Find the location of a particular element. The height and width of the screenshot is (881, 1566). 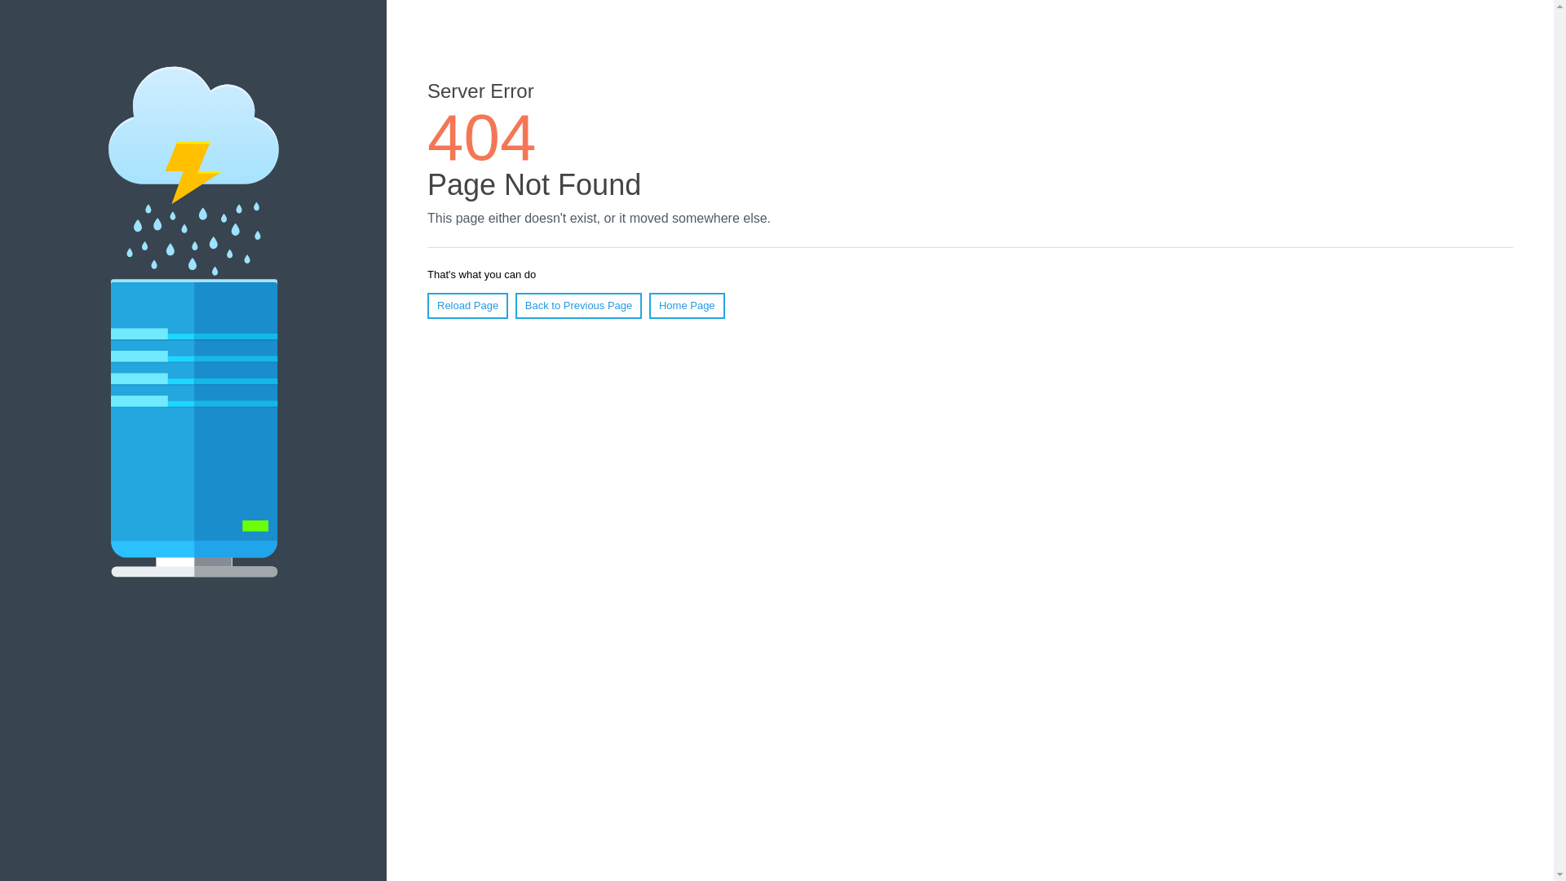

'Back to Previous Page' is located at coordinates (579, 305).